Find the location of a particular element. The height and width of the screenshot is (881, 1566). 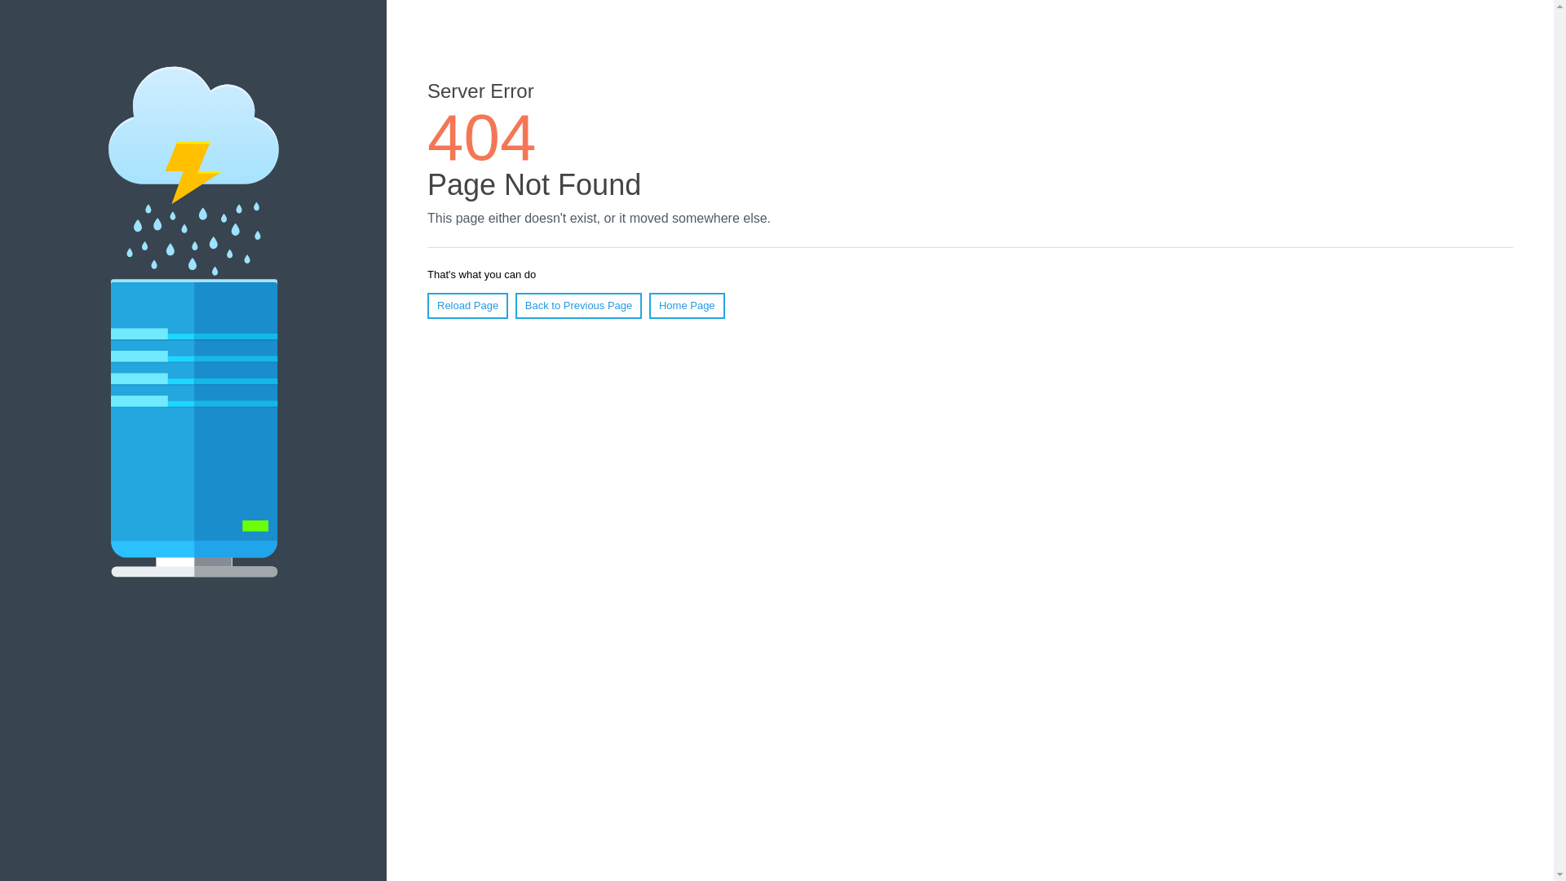

'Back to Previous Page' is located at coordinates (579, 305).